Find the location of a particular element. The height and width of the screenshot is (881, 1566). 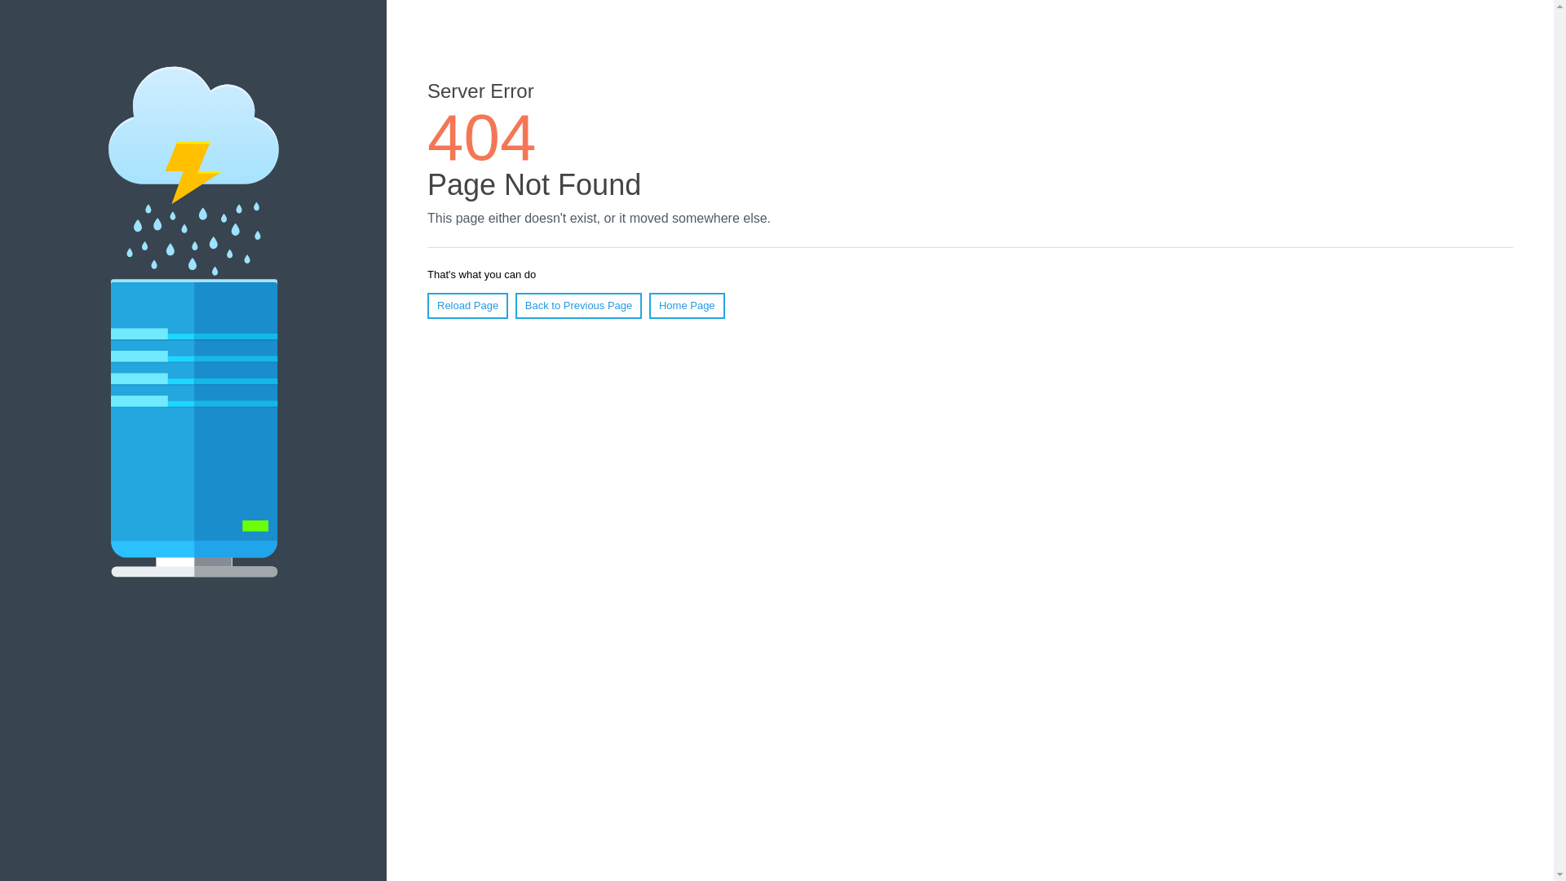

'Back to Previous Page' is located at coordinates (579, 305).